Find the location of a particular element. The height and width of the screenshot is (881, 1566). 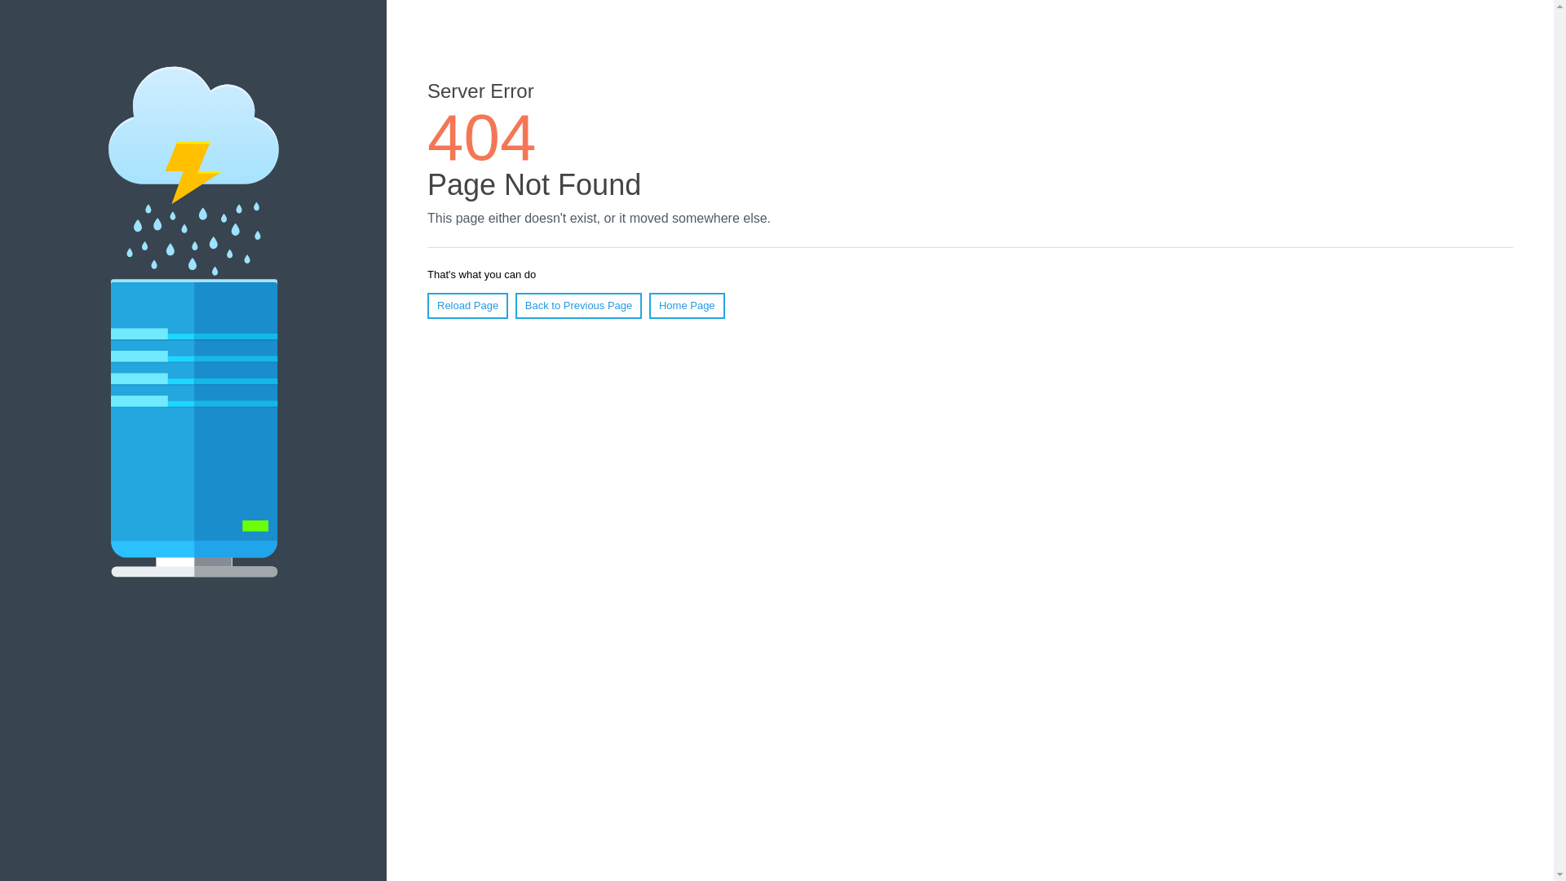

'Back to Previous Page' is located at coordinates (579, 305).